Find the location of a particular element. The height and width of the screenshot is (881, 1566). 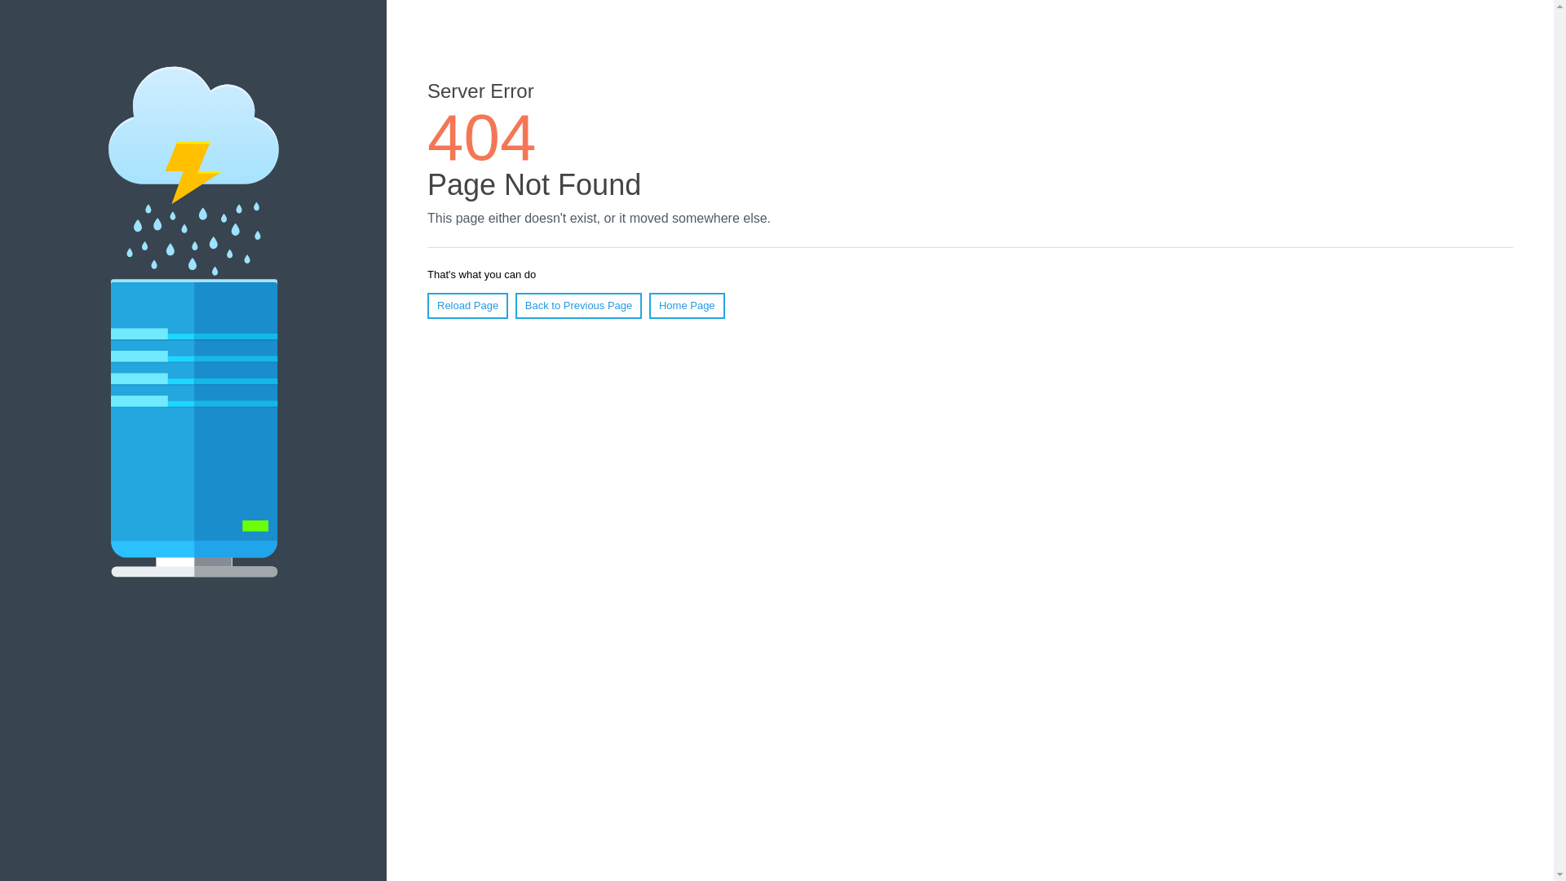

'Back to Previous Page' is located at coordinates (579, 305).